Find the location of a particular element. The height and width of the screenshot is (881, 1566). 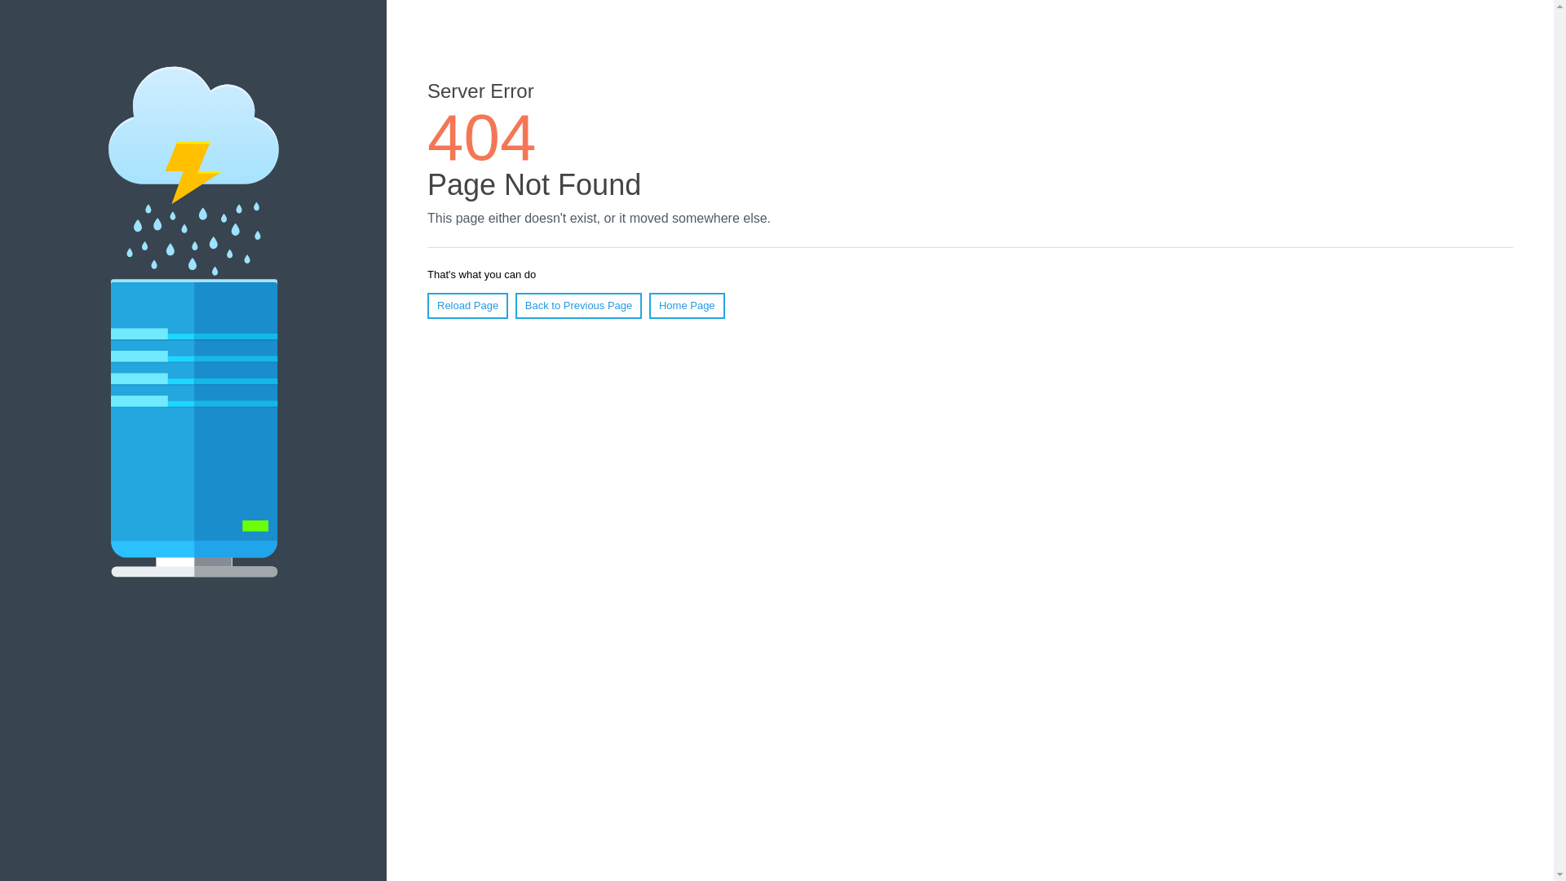

'Back to Previous Page' is located at coordinates (579, 305).